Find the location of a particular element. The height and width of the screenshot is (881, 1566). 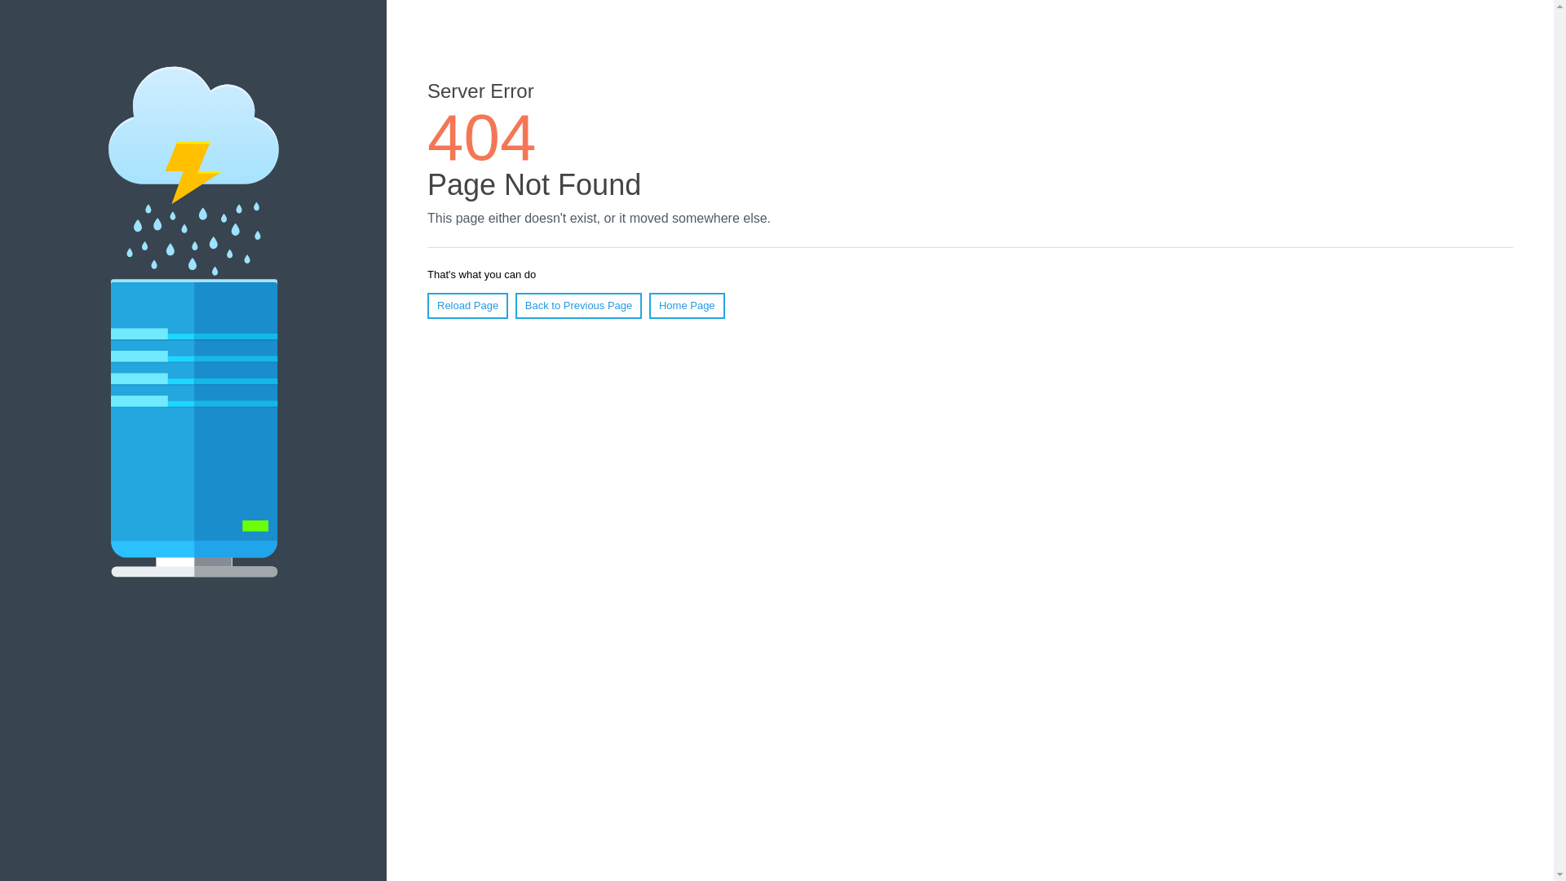

'Back to Previous Page' is located at coordinates (579, 305).